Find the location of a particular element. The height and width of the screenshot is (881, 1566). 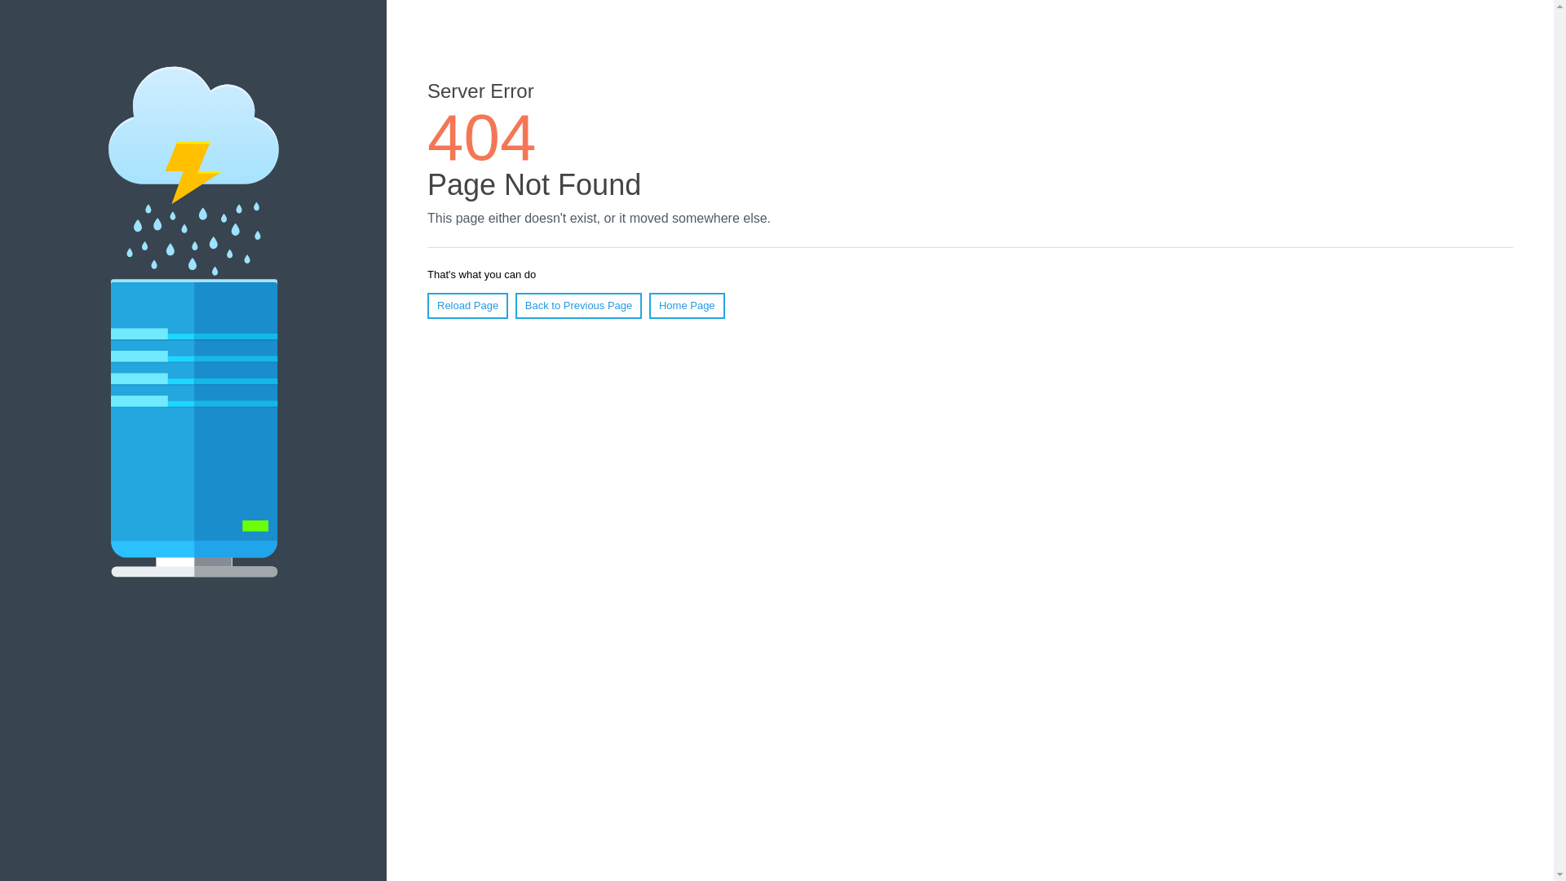

'Back to Previous Page' is located at coordinates (579, 305).